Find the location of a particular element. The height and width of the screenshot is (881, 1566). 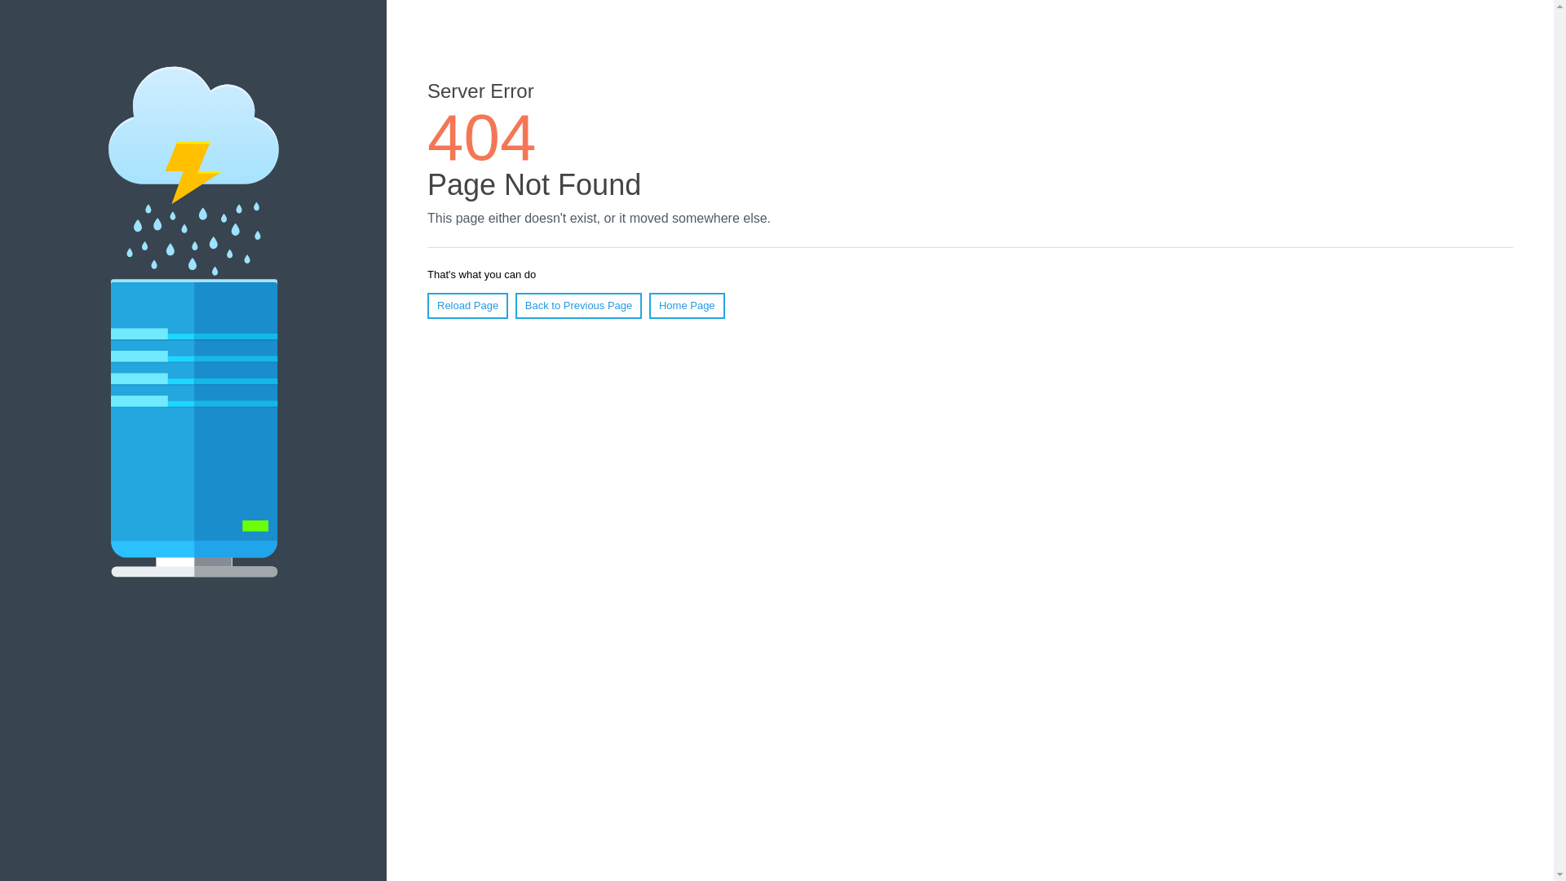

'Back to Previous Page' is located at coordinates (579, 305).